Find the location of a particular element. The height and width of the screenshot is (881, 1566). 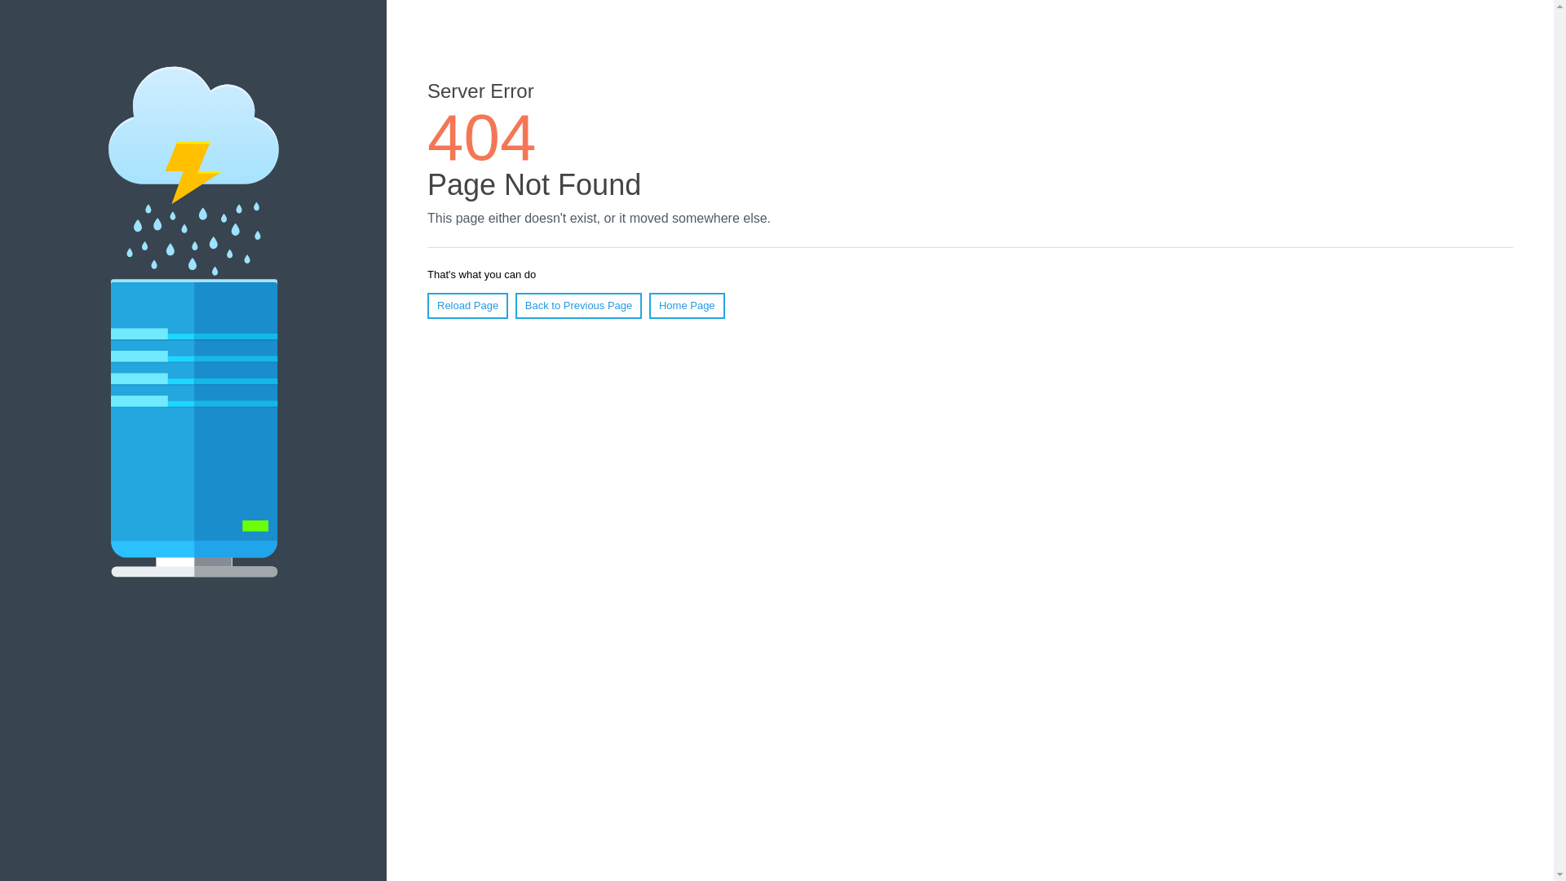

'Back to Previous Page' is located at coordinates (579, 305).